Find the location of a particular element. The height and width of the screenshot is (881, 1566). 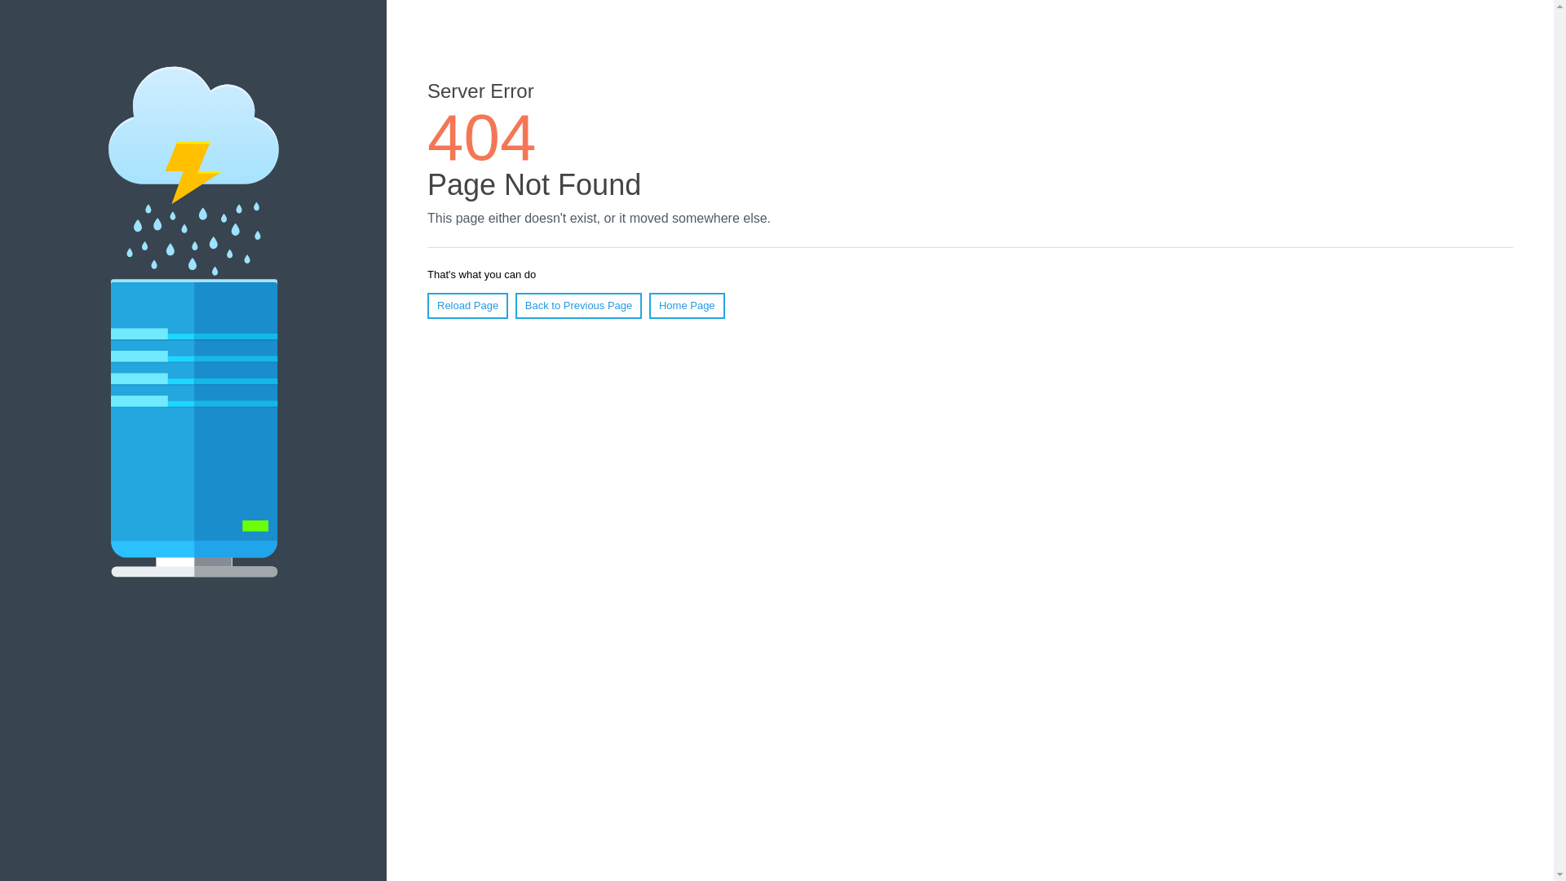

'Back to Previous Page' is located at coordinates (579, 305).